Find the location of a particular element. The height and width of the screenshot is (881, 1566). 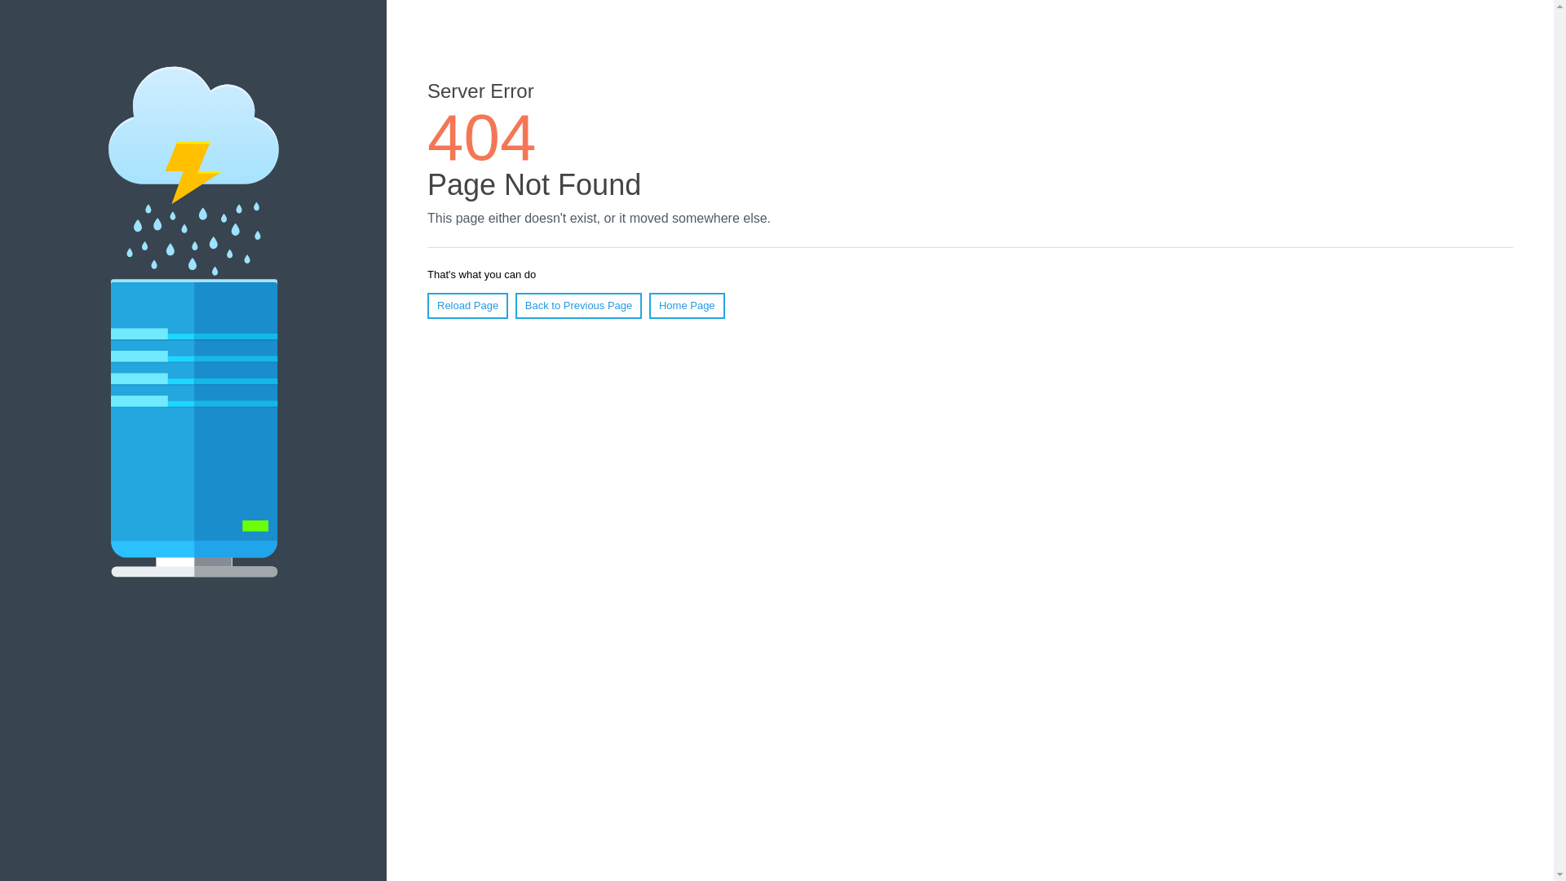

'Back to Previous Page' is located at coordinates (579, 305).